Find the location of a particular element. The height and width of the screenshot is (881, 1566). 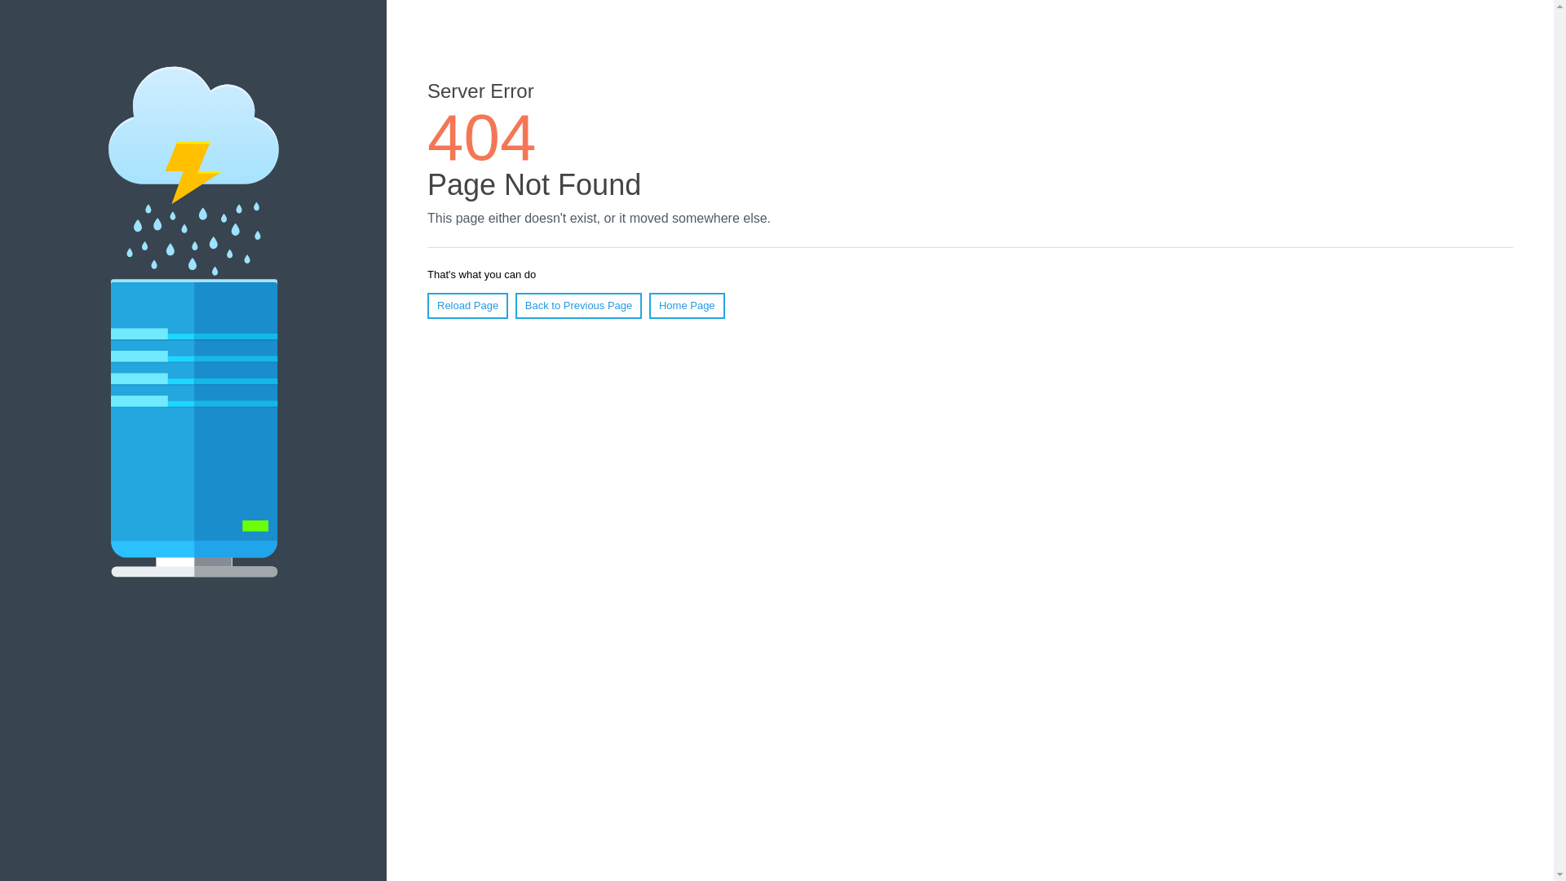

'Back to Previous Page' is located at coordinates (579, 305).